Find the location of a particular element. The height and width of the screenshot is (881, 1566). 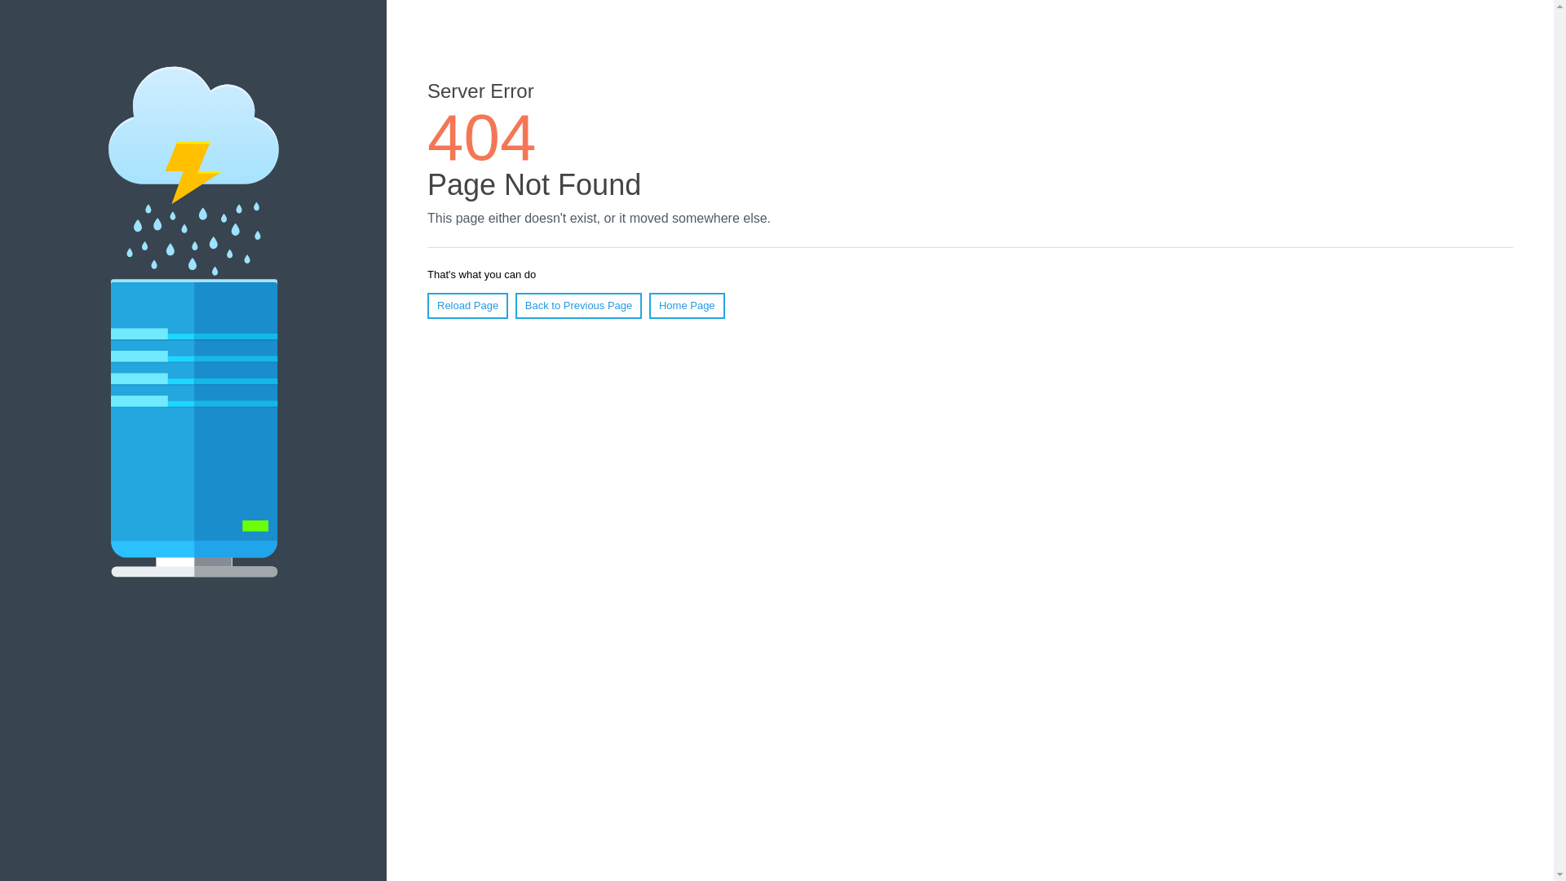

'Back to Previous Page' is located at coordinates (579, 305).